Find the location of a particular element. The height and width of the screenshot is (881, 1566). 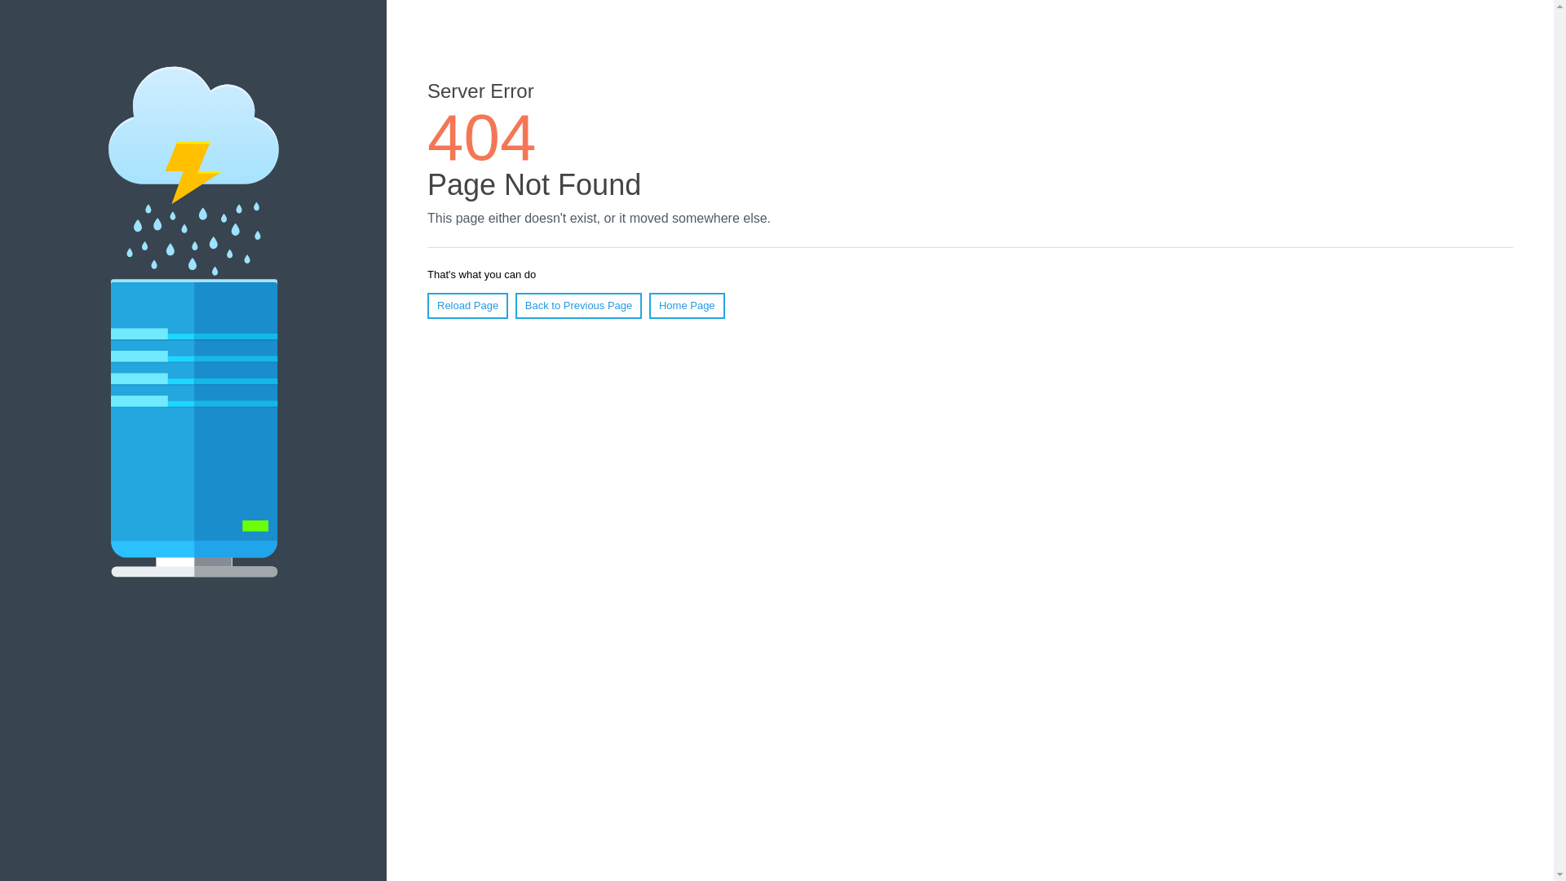

'Back to Previous Page' is located at coordinates (579, 305).